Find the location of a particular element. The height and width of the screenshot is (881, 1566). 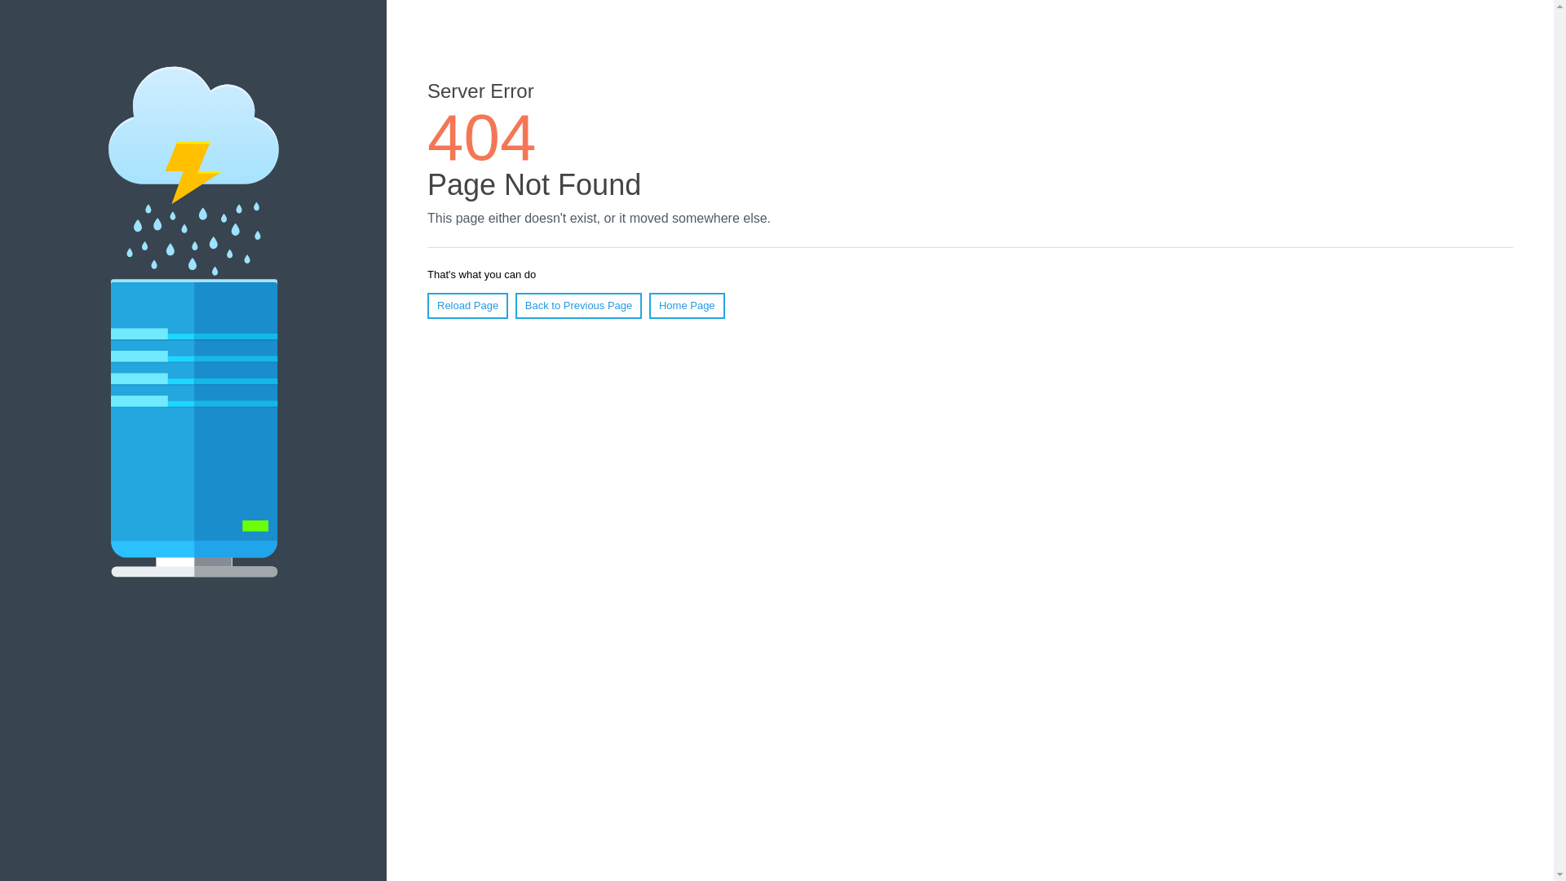

'Back to Previous Page' is located at coordinates (579, 305).